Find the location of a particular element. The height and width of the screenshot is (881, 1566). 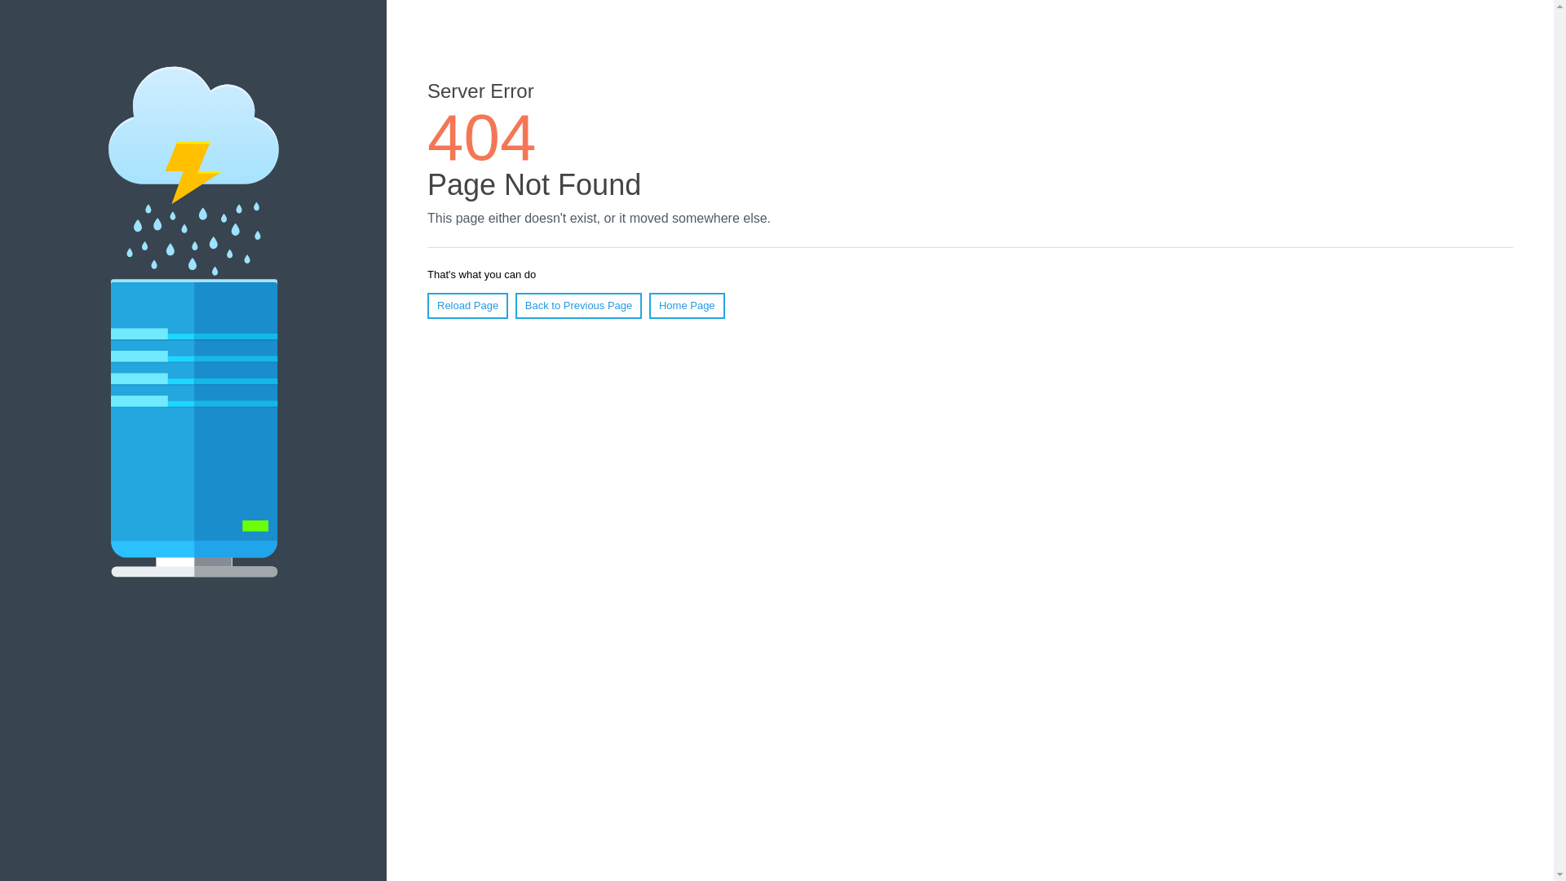

'Back to Previous Page' is located at coordinates (579, 305).